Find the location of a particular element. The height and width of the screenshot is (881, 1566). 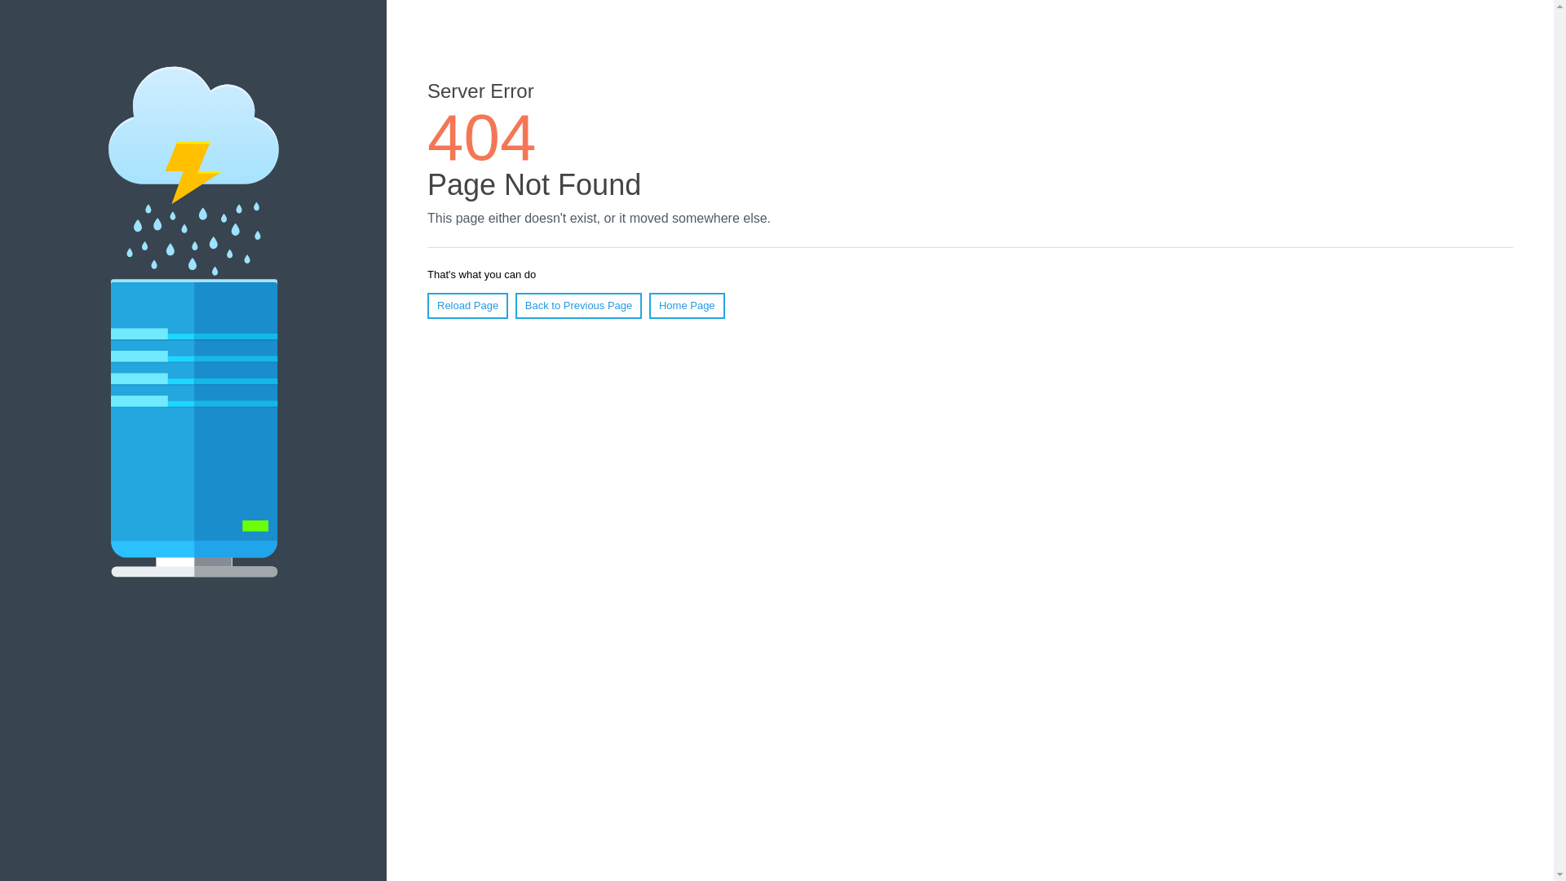

'Back to Previous Page' is located at coordinates (579, 305).